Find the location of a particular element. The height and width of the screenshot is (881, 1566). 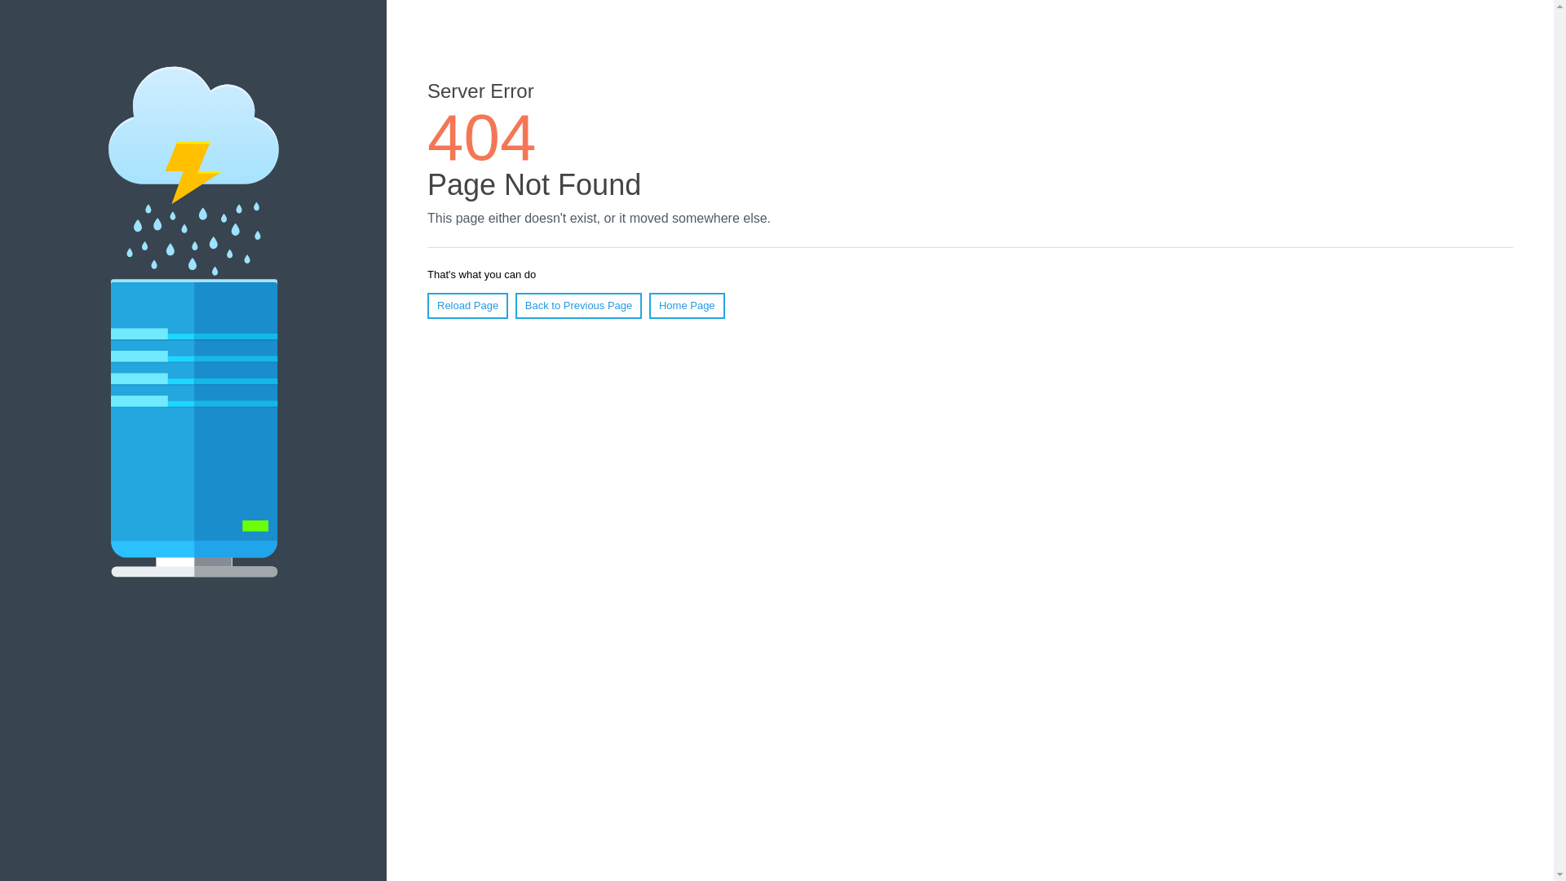

'Back to Previous Page' is located at coordinates (579, 305).